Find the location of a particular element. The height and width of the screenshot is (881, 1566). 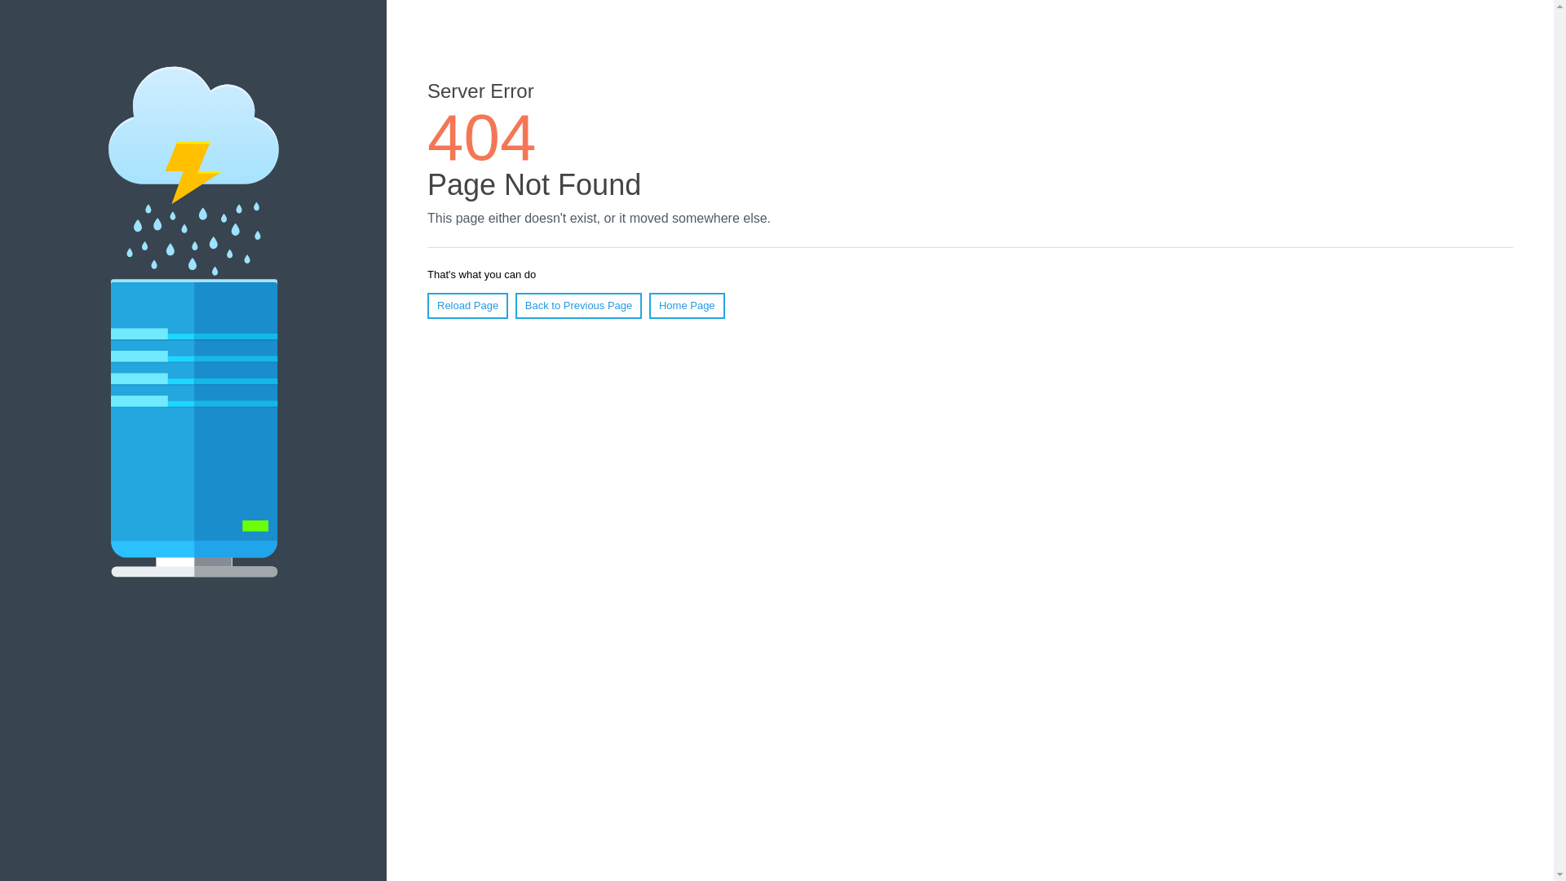

'Back to Previous Page' is located at coordinates (579, 305).